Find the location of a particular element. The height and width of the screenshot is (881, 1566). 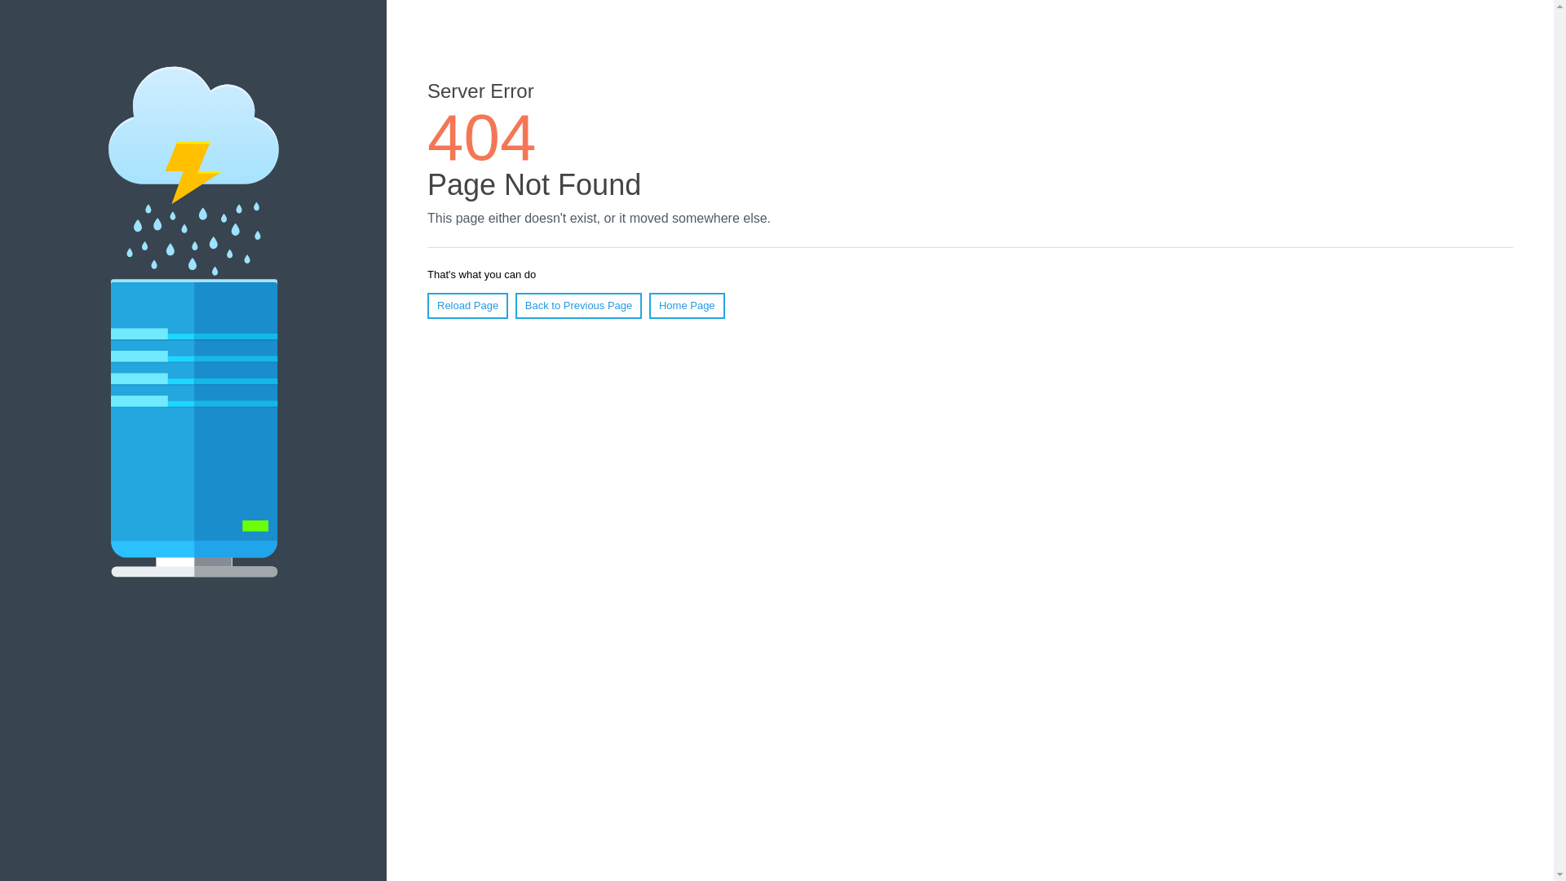

'Back to Previous Page' is located at coordinates (579, 305).